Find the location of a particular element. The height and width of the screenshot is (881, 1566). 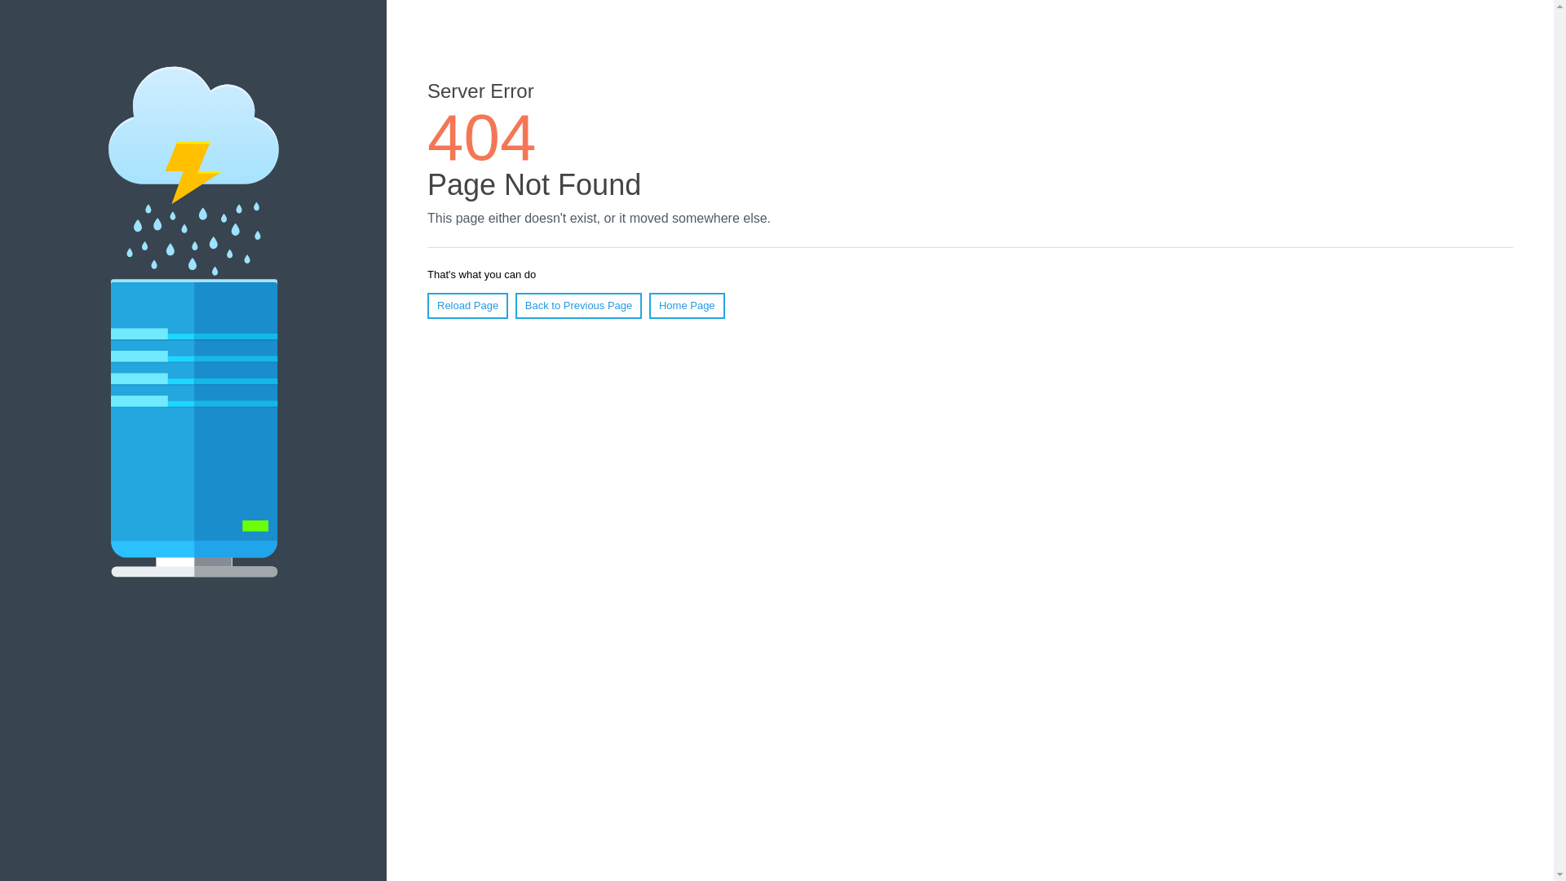

'Back to Previous Page' is located at coordinates (579, 305).